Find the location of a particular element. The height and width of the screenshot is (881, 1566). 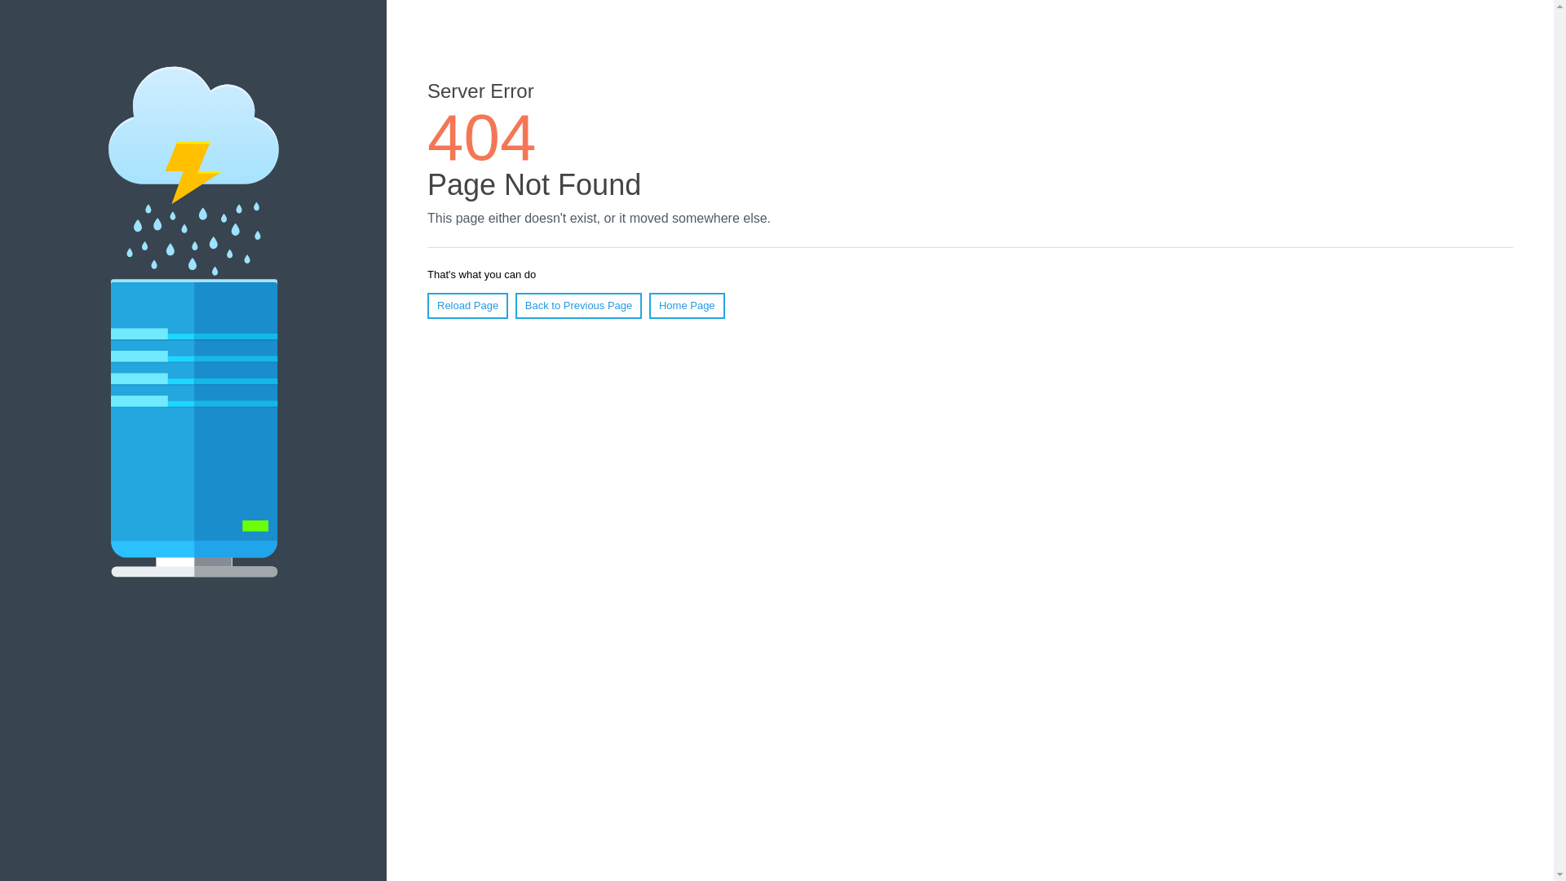

'Back to Previous Page' is located at coordinates (579, 305).